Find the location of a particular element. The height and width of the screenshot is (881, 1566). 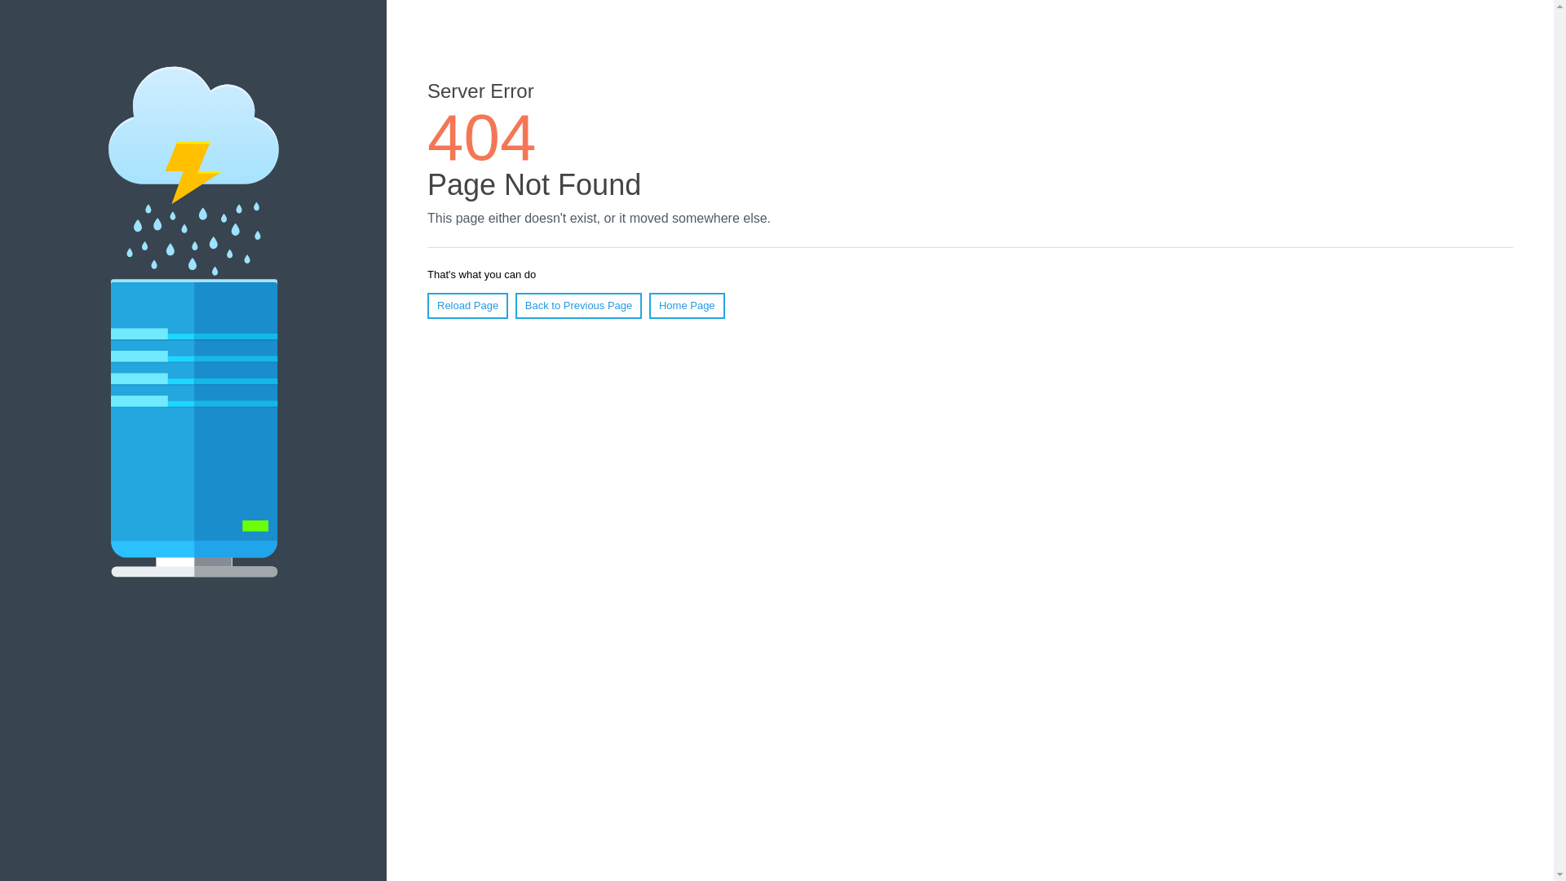

'Back to Previous Page' is located at coordinates (579, 305).